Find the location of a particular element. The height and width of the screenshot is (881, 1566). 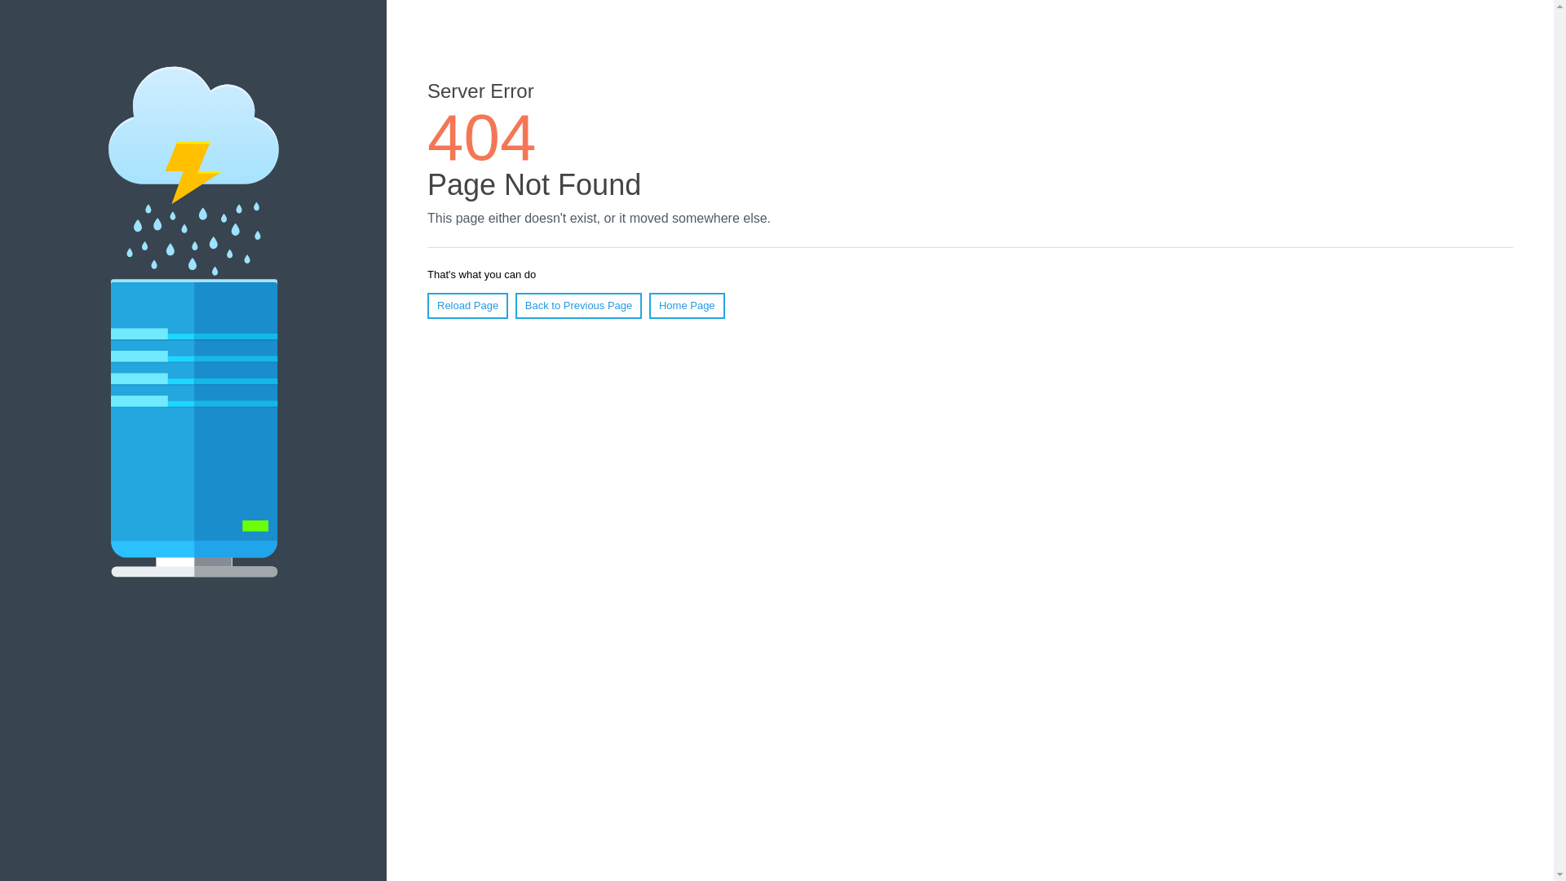

'Back to Previous Page' is located at coordinates (579, 305).